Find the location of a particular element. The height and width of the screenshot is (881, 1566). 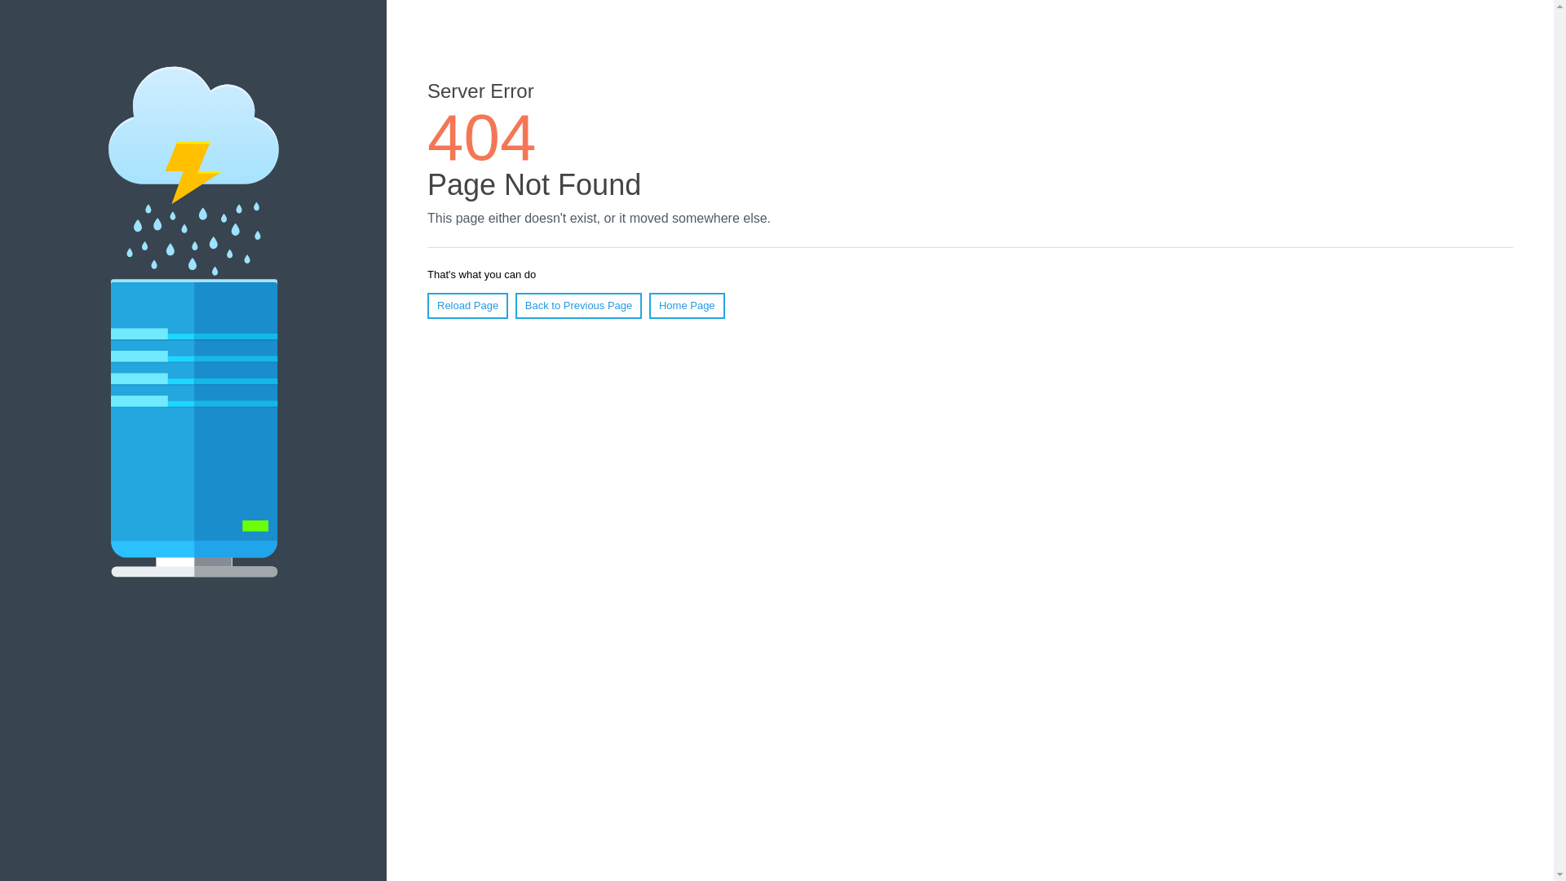

'Back to Previous Page' is located at coordinates (579, 305).